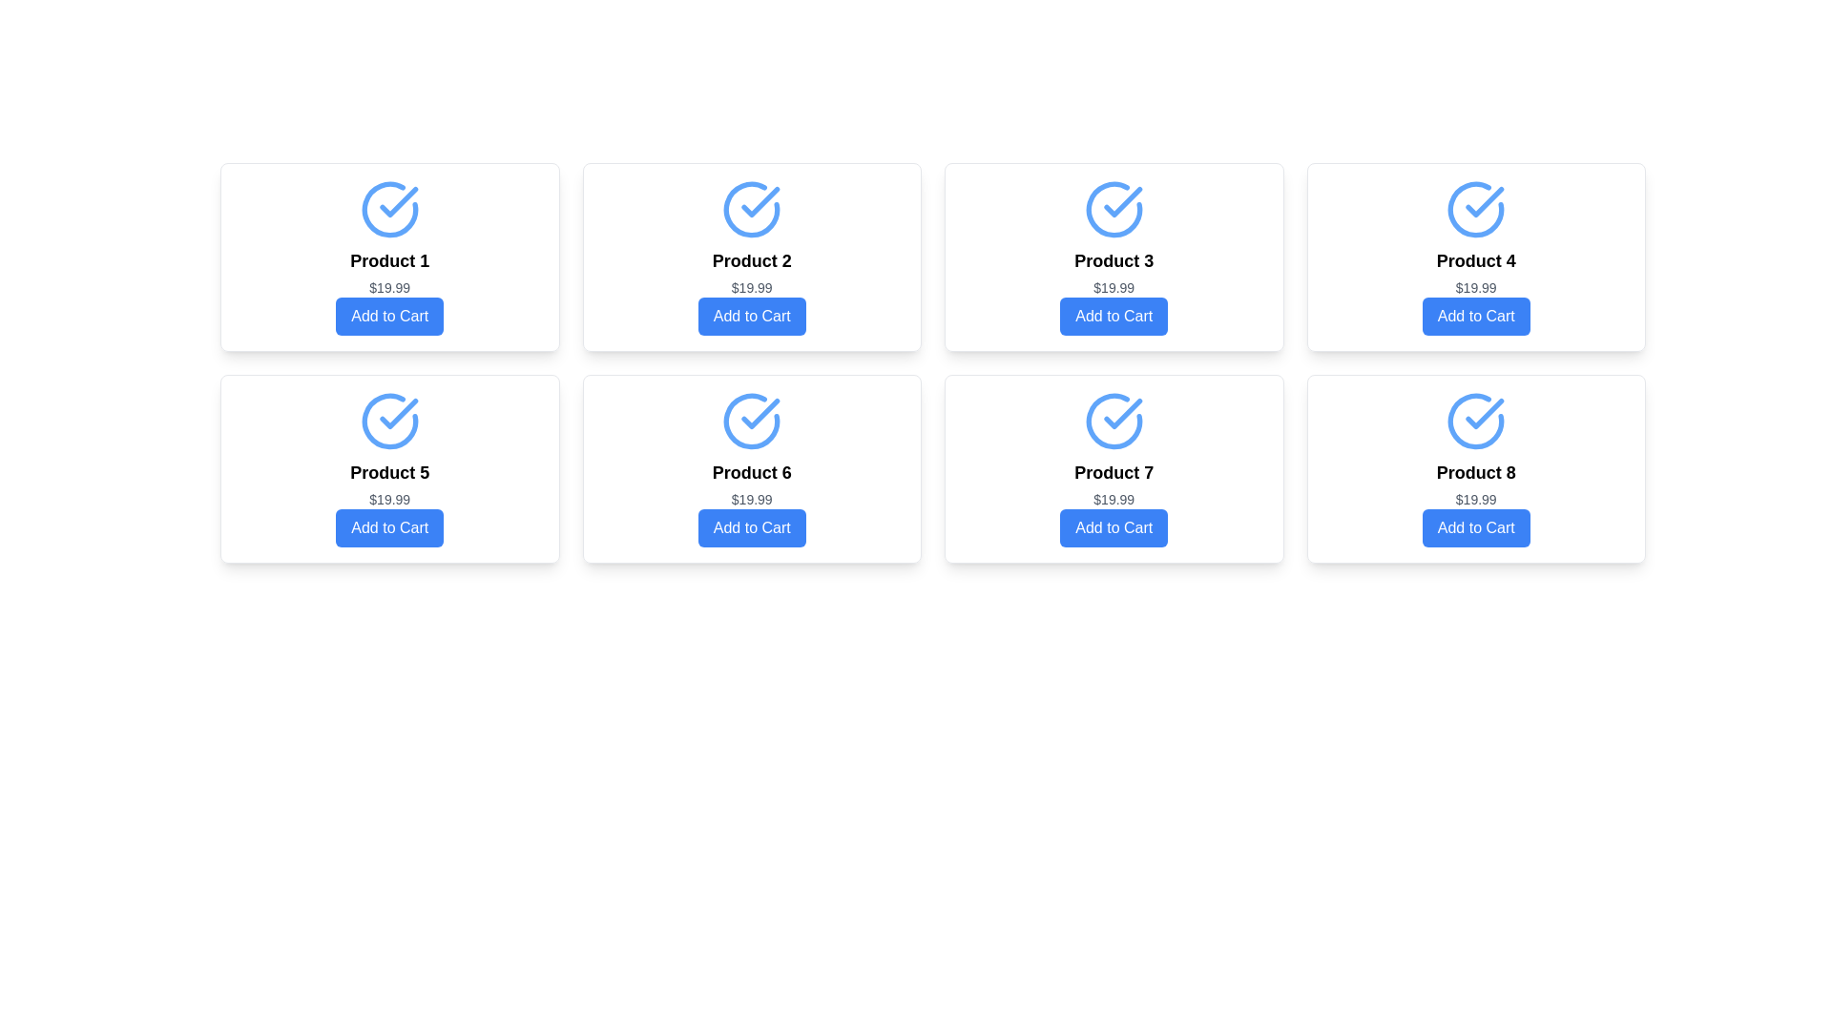 This screenshot has height=1030, width=1832. I want to click on the status indicator icon located at the top center of the card for 'Product 5', which signifies that the product is verified or selected, so click(388, 421).